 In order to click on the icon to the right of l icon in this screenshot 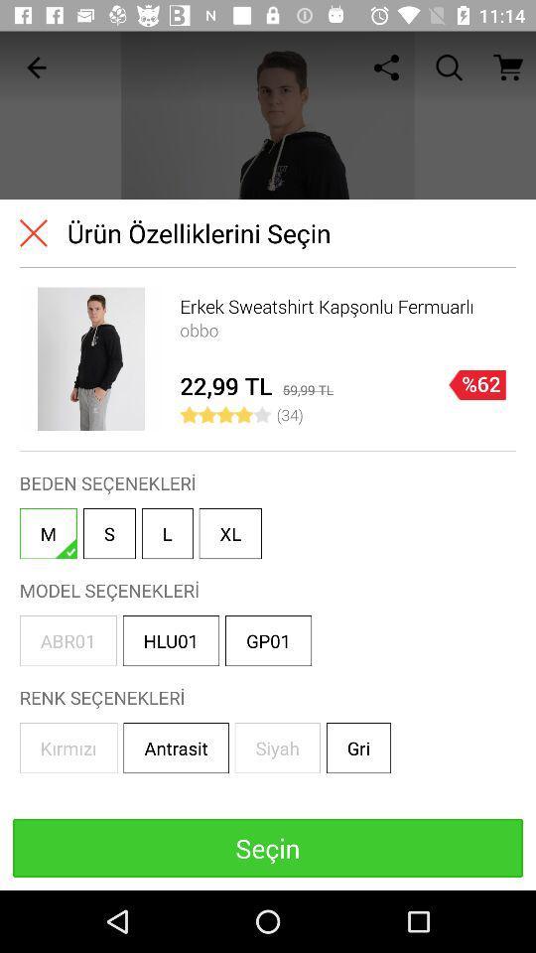, I will do `click(229, 532)`.